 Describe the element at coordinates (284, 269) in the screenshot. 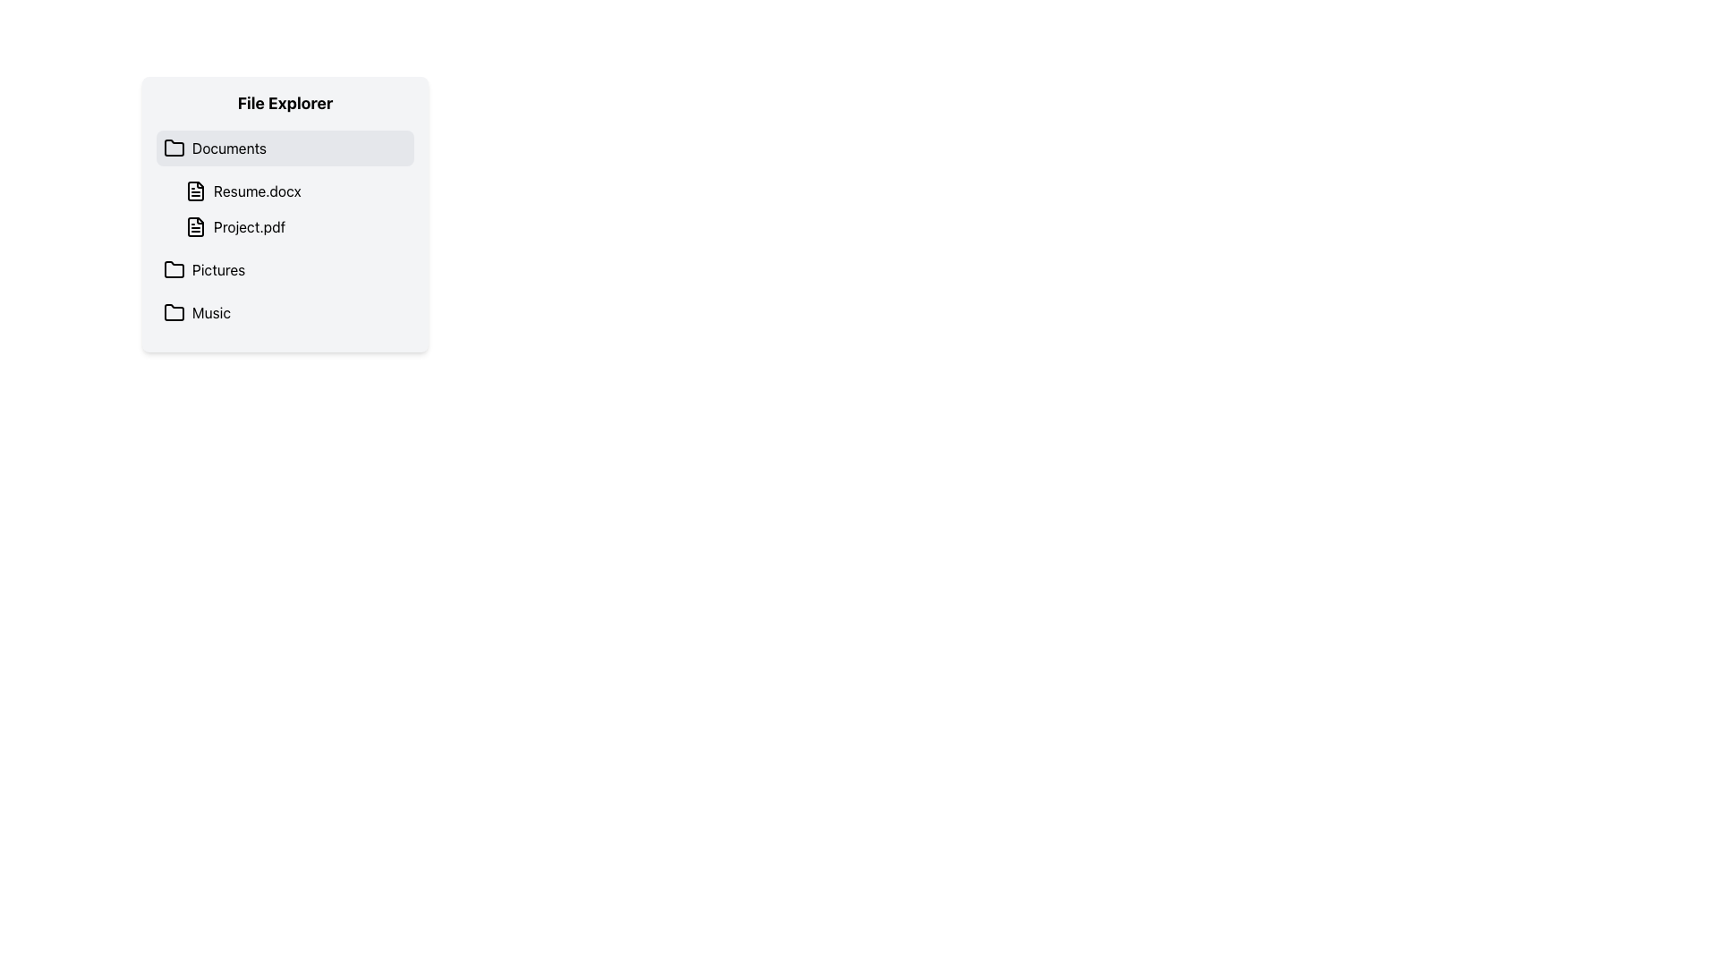

I see `the folder entry labeled 'Pictures'` at that location.